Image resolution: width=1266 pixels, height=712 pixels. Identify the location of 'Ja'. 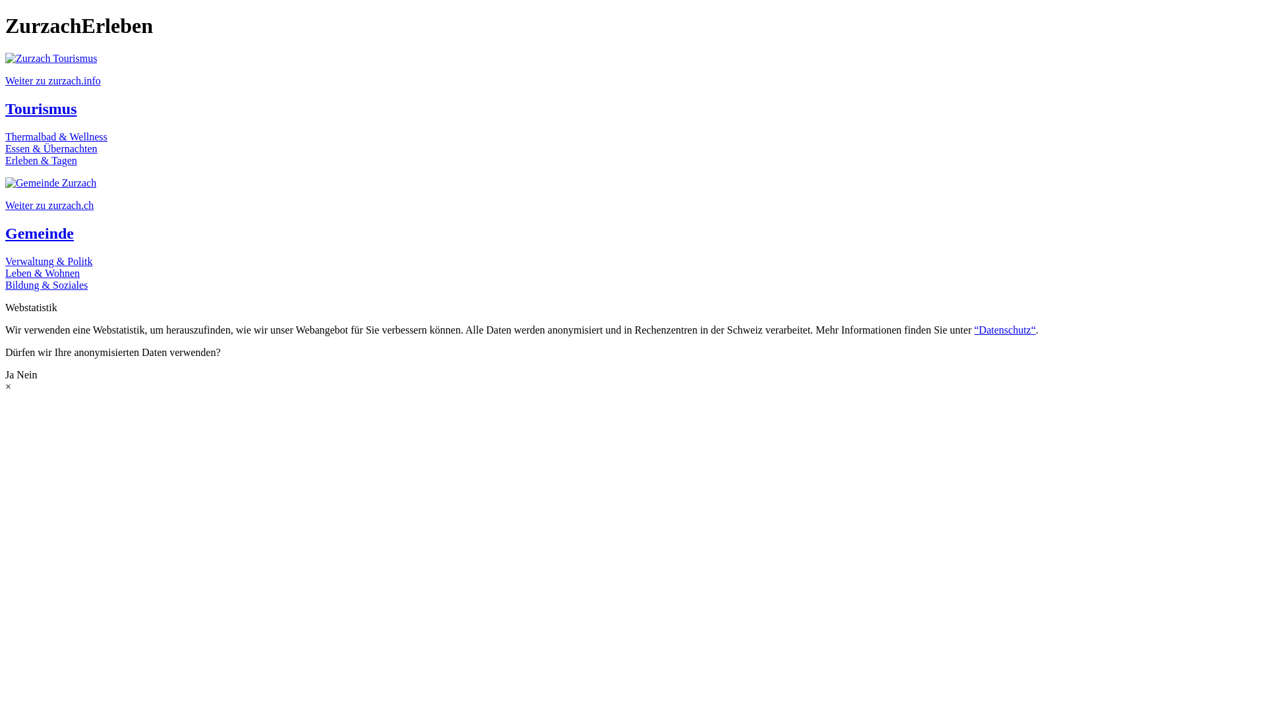
(9, 374).